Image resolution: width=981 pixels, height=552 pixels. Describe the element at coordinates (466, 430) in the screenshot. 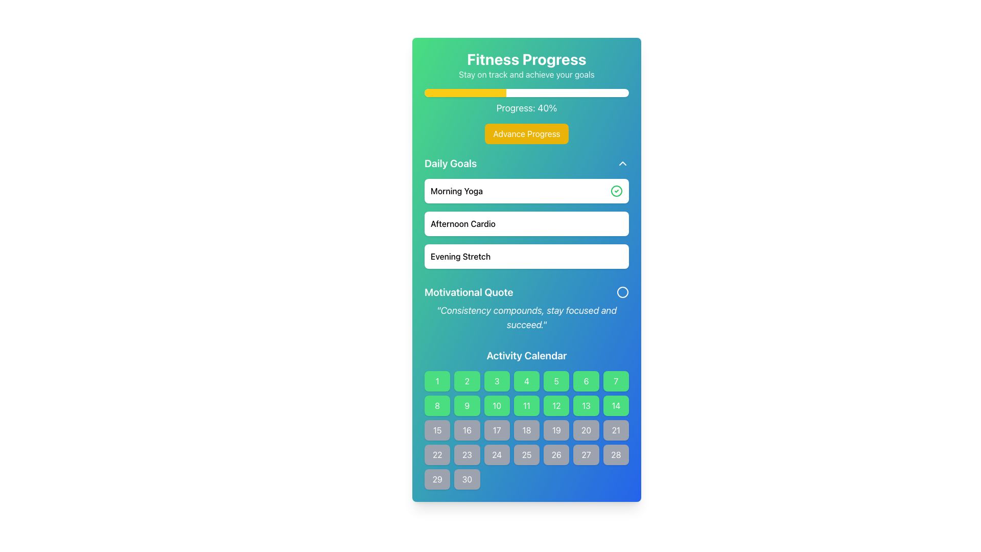

I see `the gray button with a white '16' number centered, located in the second column of the fourth row under the 'Activity Calendar' section` at that location.